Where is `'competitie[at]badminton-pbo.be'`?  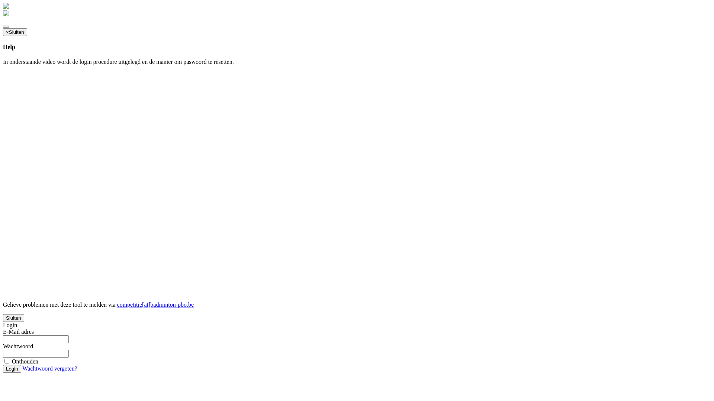 'competitie[at]badminton-pbo.be' is located at coordinates (155, 304).